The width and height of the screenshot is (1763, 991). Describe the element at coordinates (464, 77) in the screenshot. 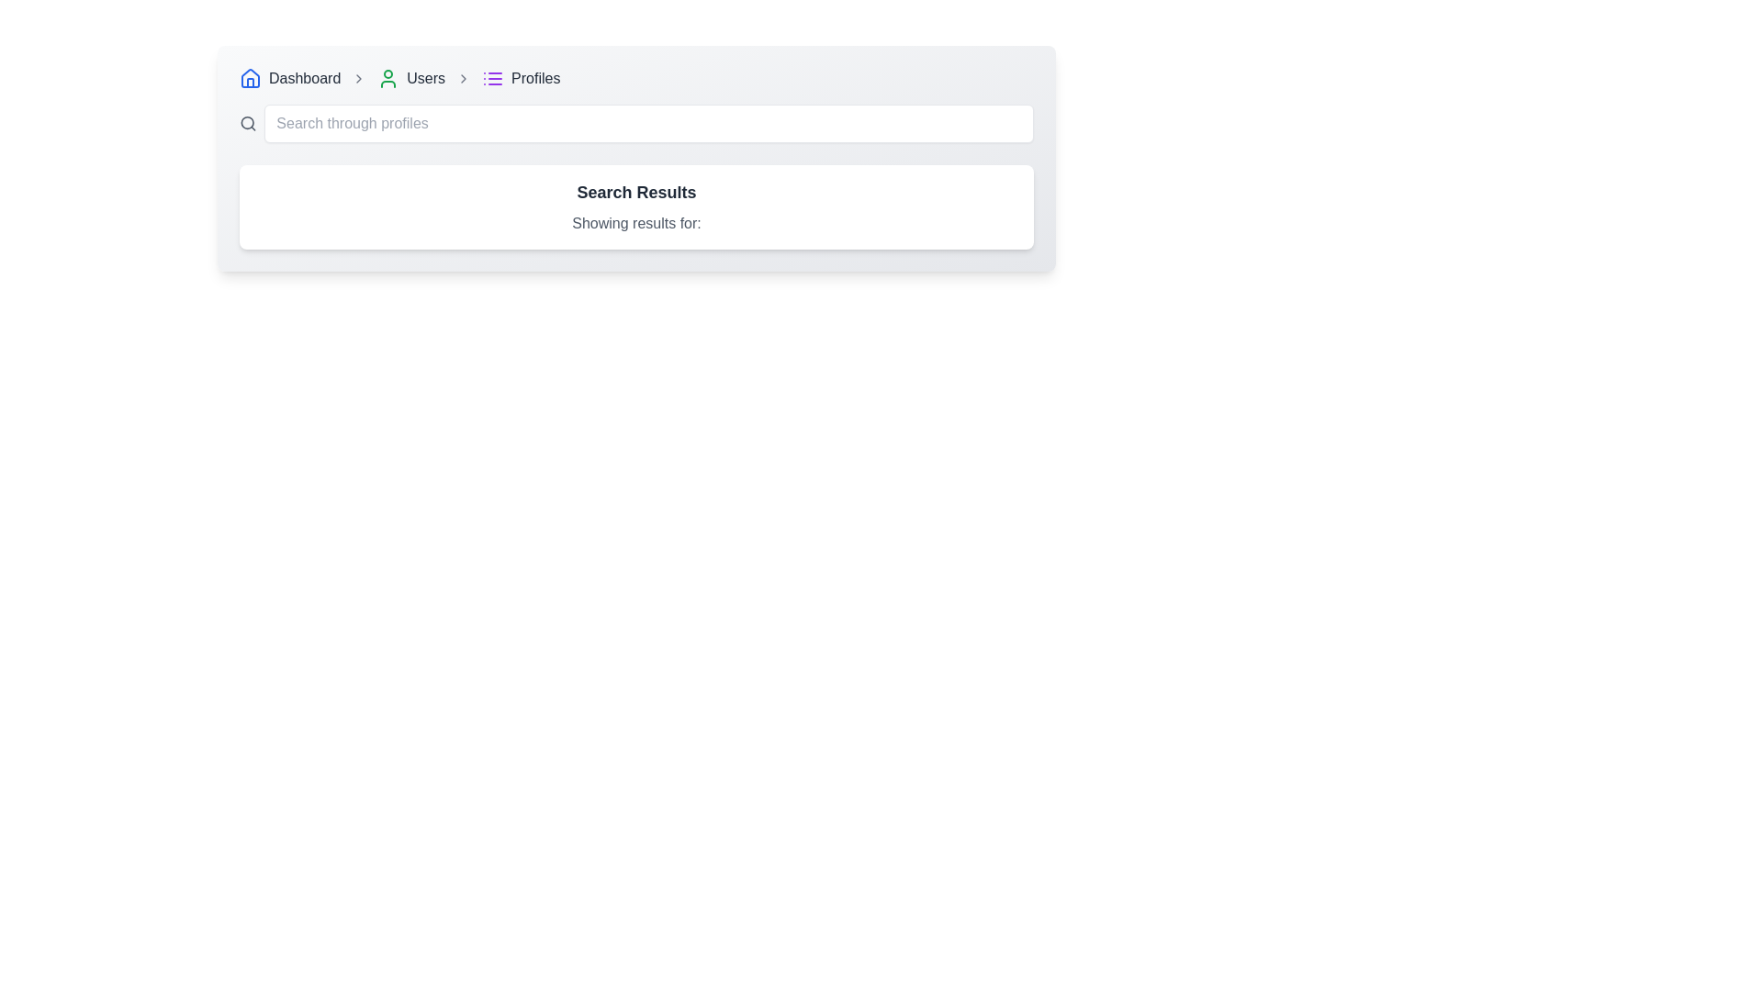

I see `the second chevron icon in the breadcrumb navigation bar, positioned between 'Users' and 'Profiles', to enhance clarity of the hierarchy` at that location.